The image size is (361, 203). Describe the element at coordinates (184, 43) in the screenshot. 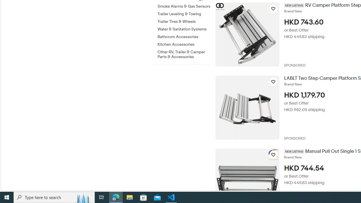

I see `'Kitchen Accessories'` at that location.